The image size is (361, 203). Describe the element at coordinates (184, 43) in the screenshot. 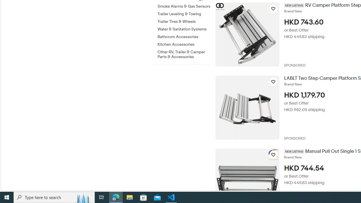

I see `'Kitchen Accessories'` at that location.